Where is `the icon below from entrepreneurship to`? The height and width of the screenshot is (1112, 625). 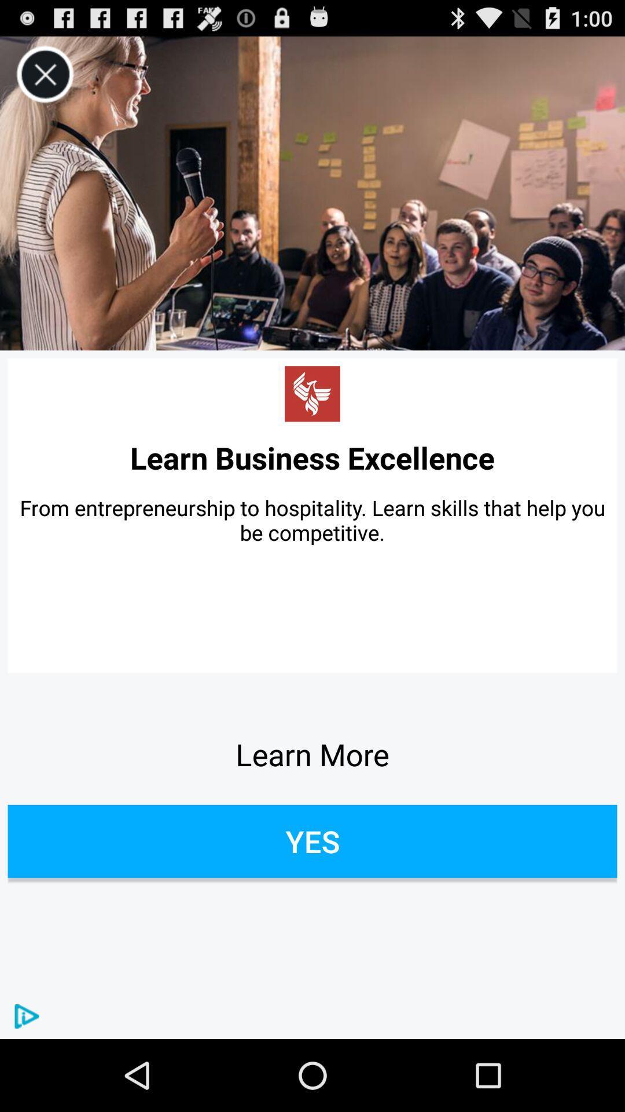
the icon below from entrepreneurship to is located at coordinates (312, 754).